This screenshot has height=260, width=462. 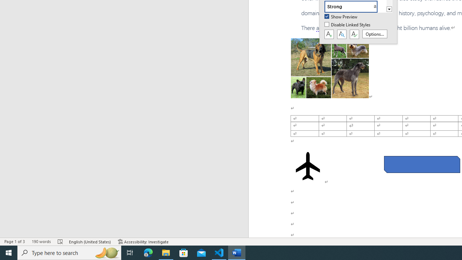 I want to click on 'Show Preview', so click(x=341, y=17).